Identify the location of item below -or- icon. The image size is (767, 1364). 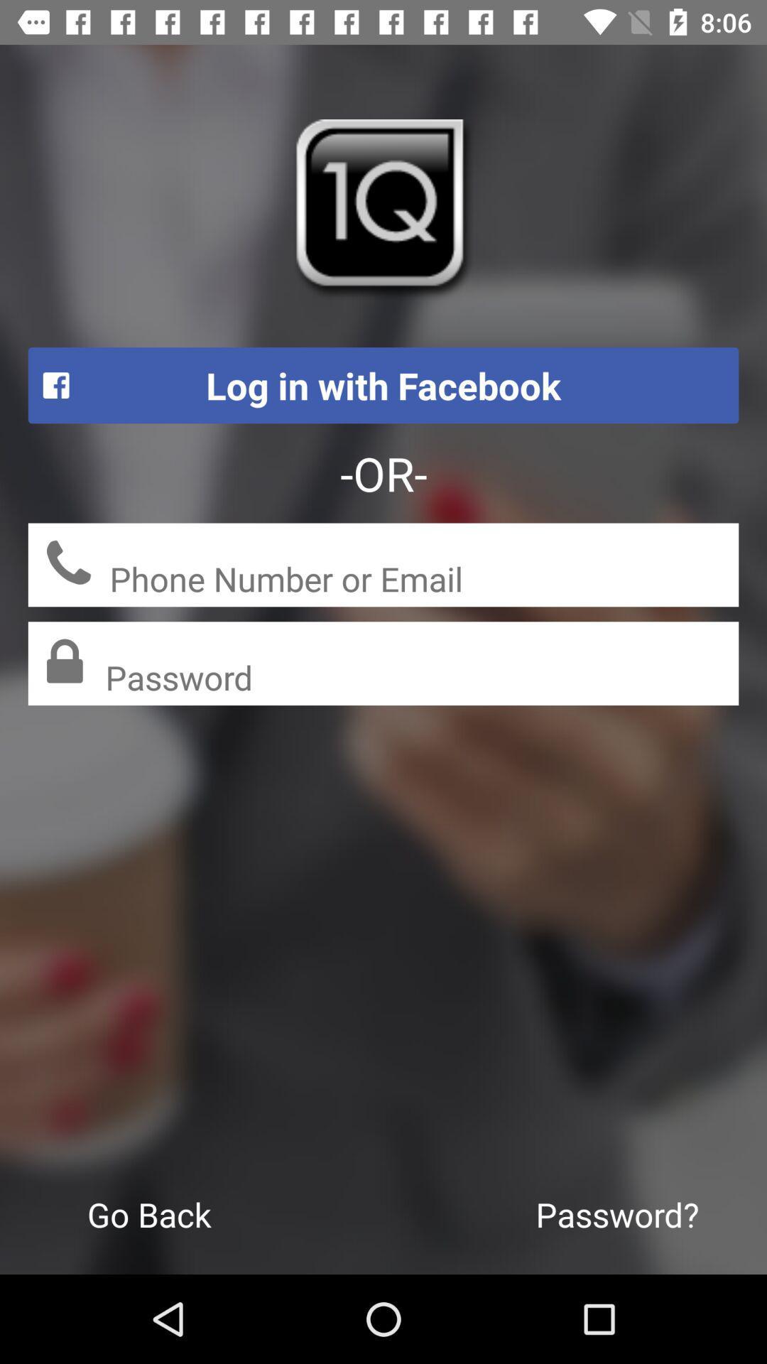
(423, 580).